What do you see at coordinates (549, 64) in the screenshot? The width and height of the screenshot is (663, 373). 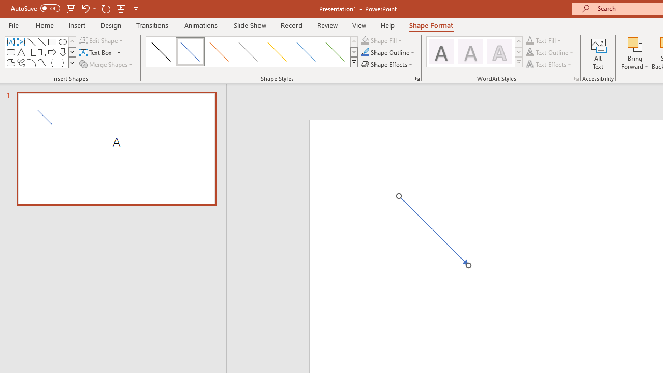 I see `'Text Effects'` at bounding box center [549, 64].